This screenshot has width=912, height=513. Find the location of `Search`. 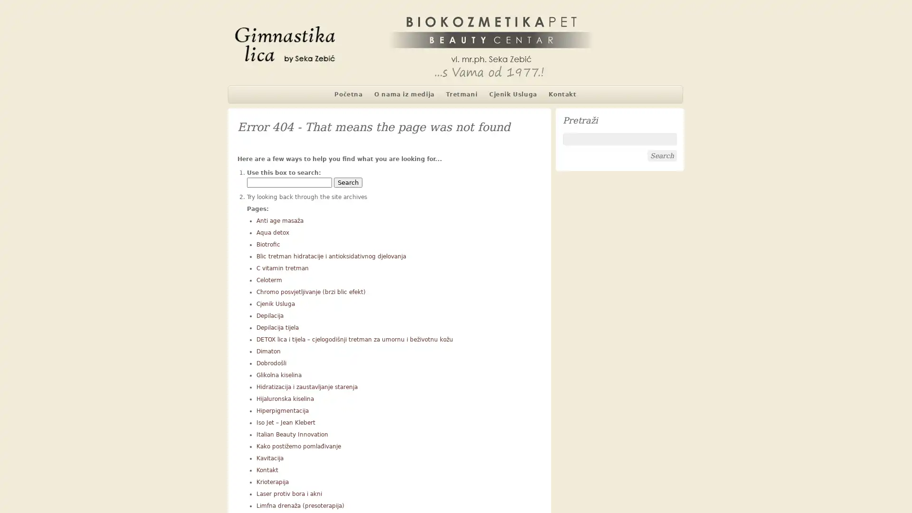

Search is located at coordinates (348, 182).